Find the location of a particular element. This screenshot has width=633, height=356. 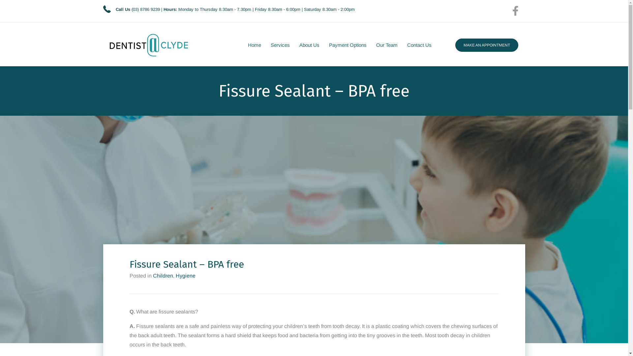

'Children' is located at coordinates (153, 276).